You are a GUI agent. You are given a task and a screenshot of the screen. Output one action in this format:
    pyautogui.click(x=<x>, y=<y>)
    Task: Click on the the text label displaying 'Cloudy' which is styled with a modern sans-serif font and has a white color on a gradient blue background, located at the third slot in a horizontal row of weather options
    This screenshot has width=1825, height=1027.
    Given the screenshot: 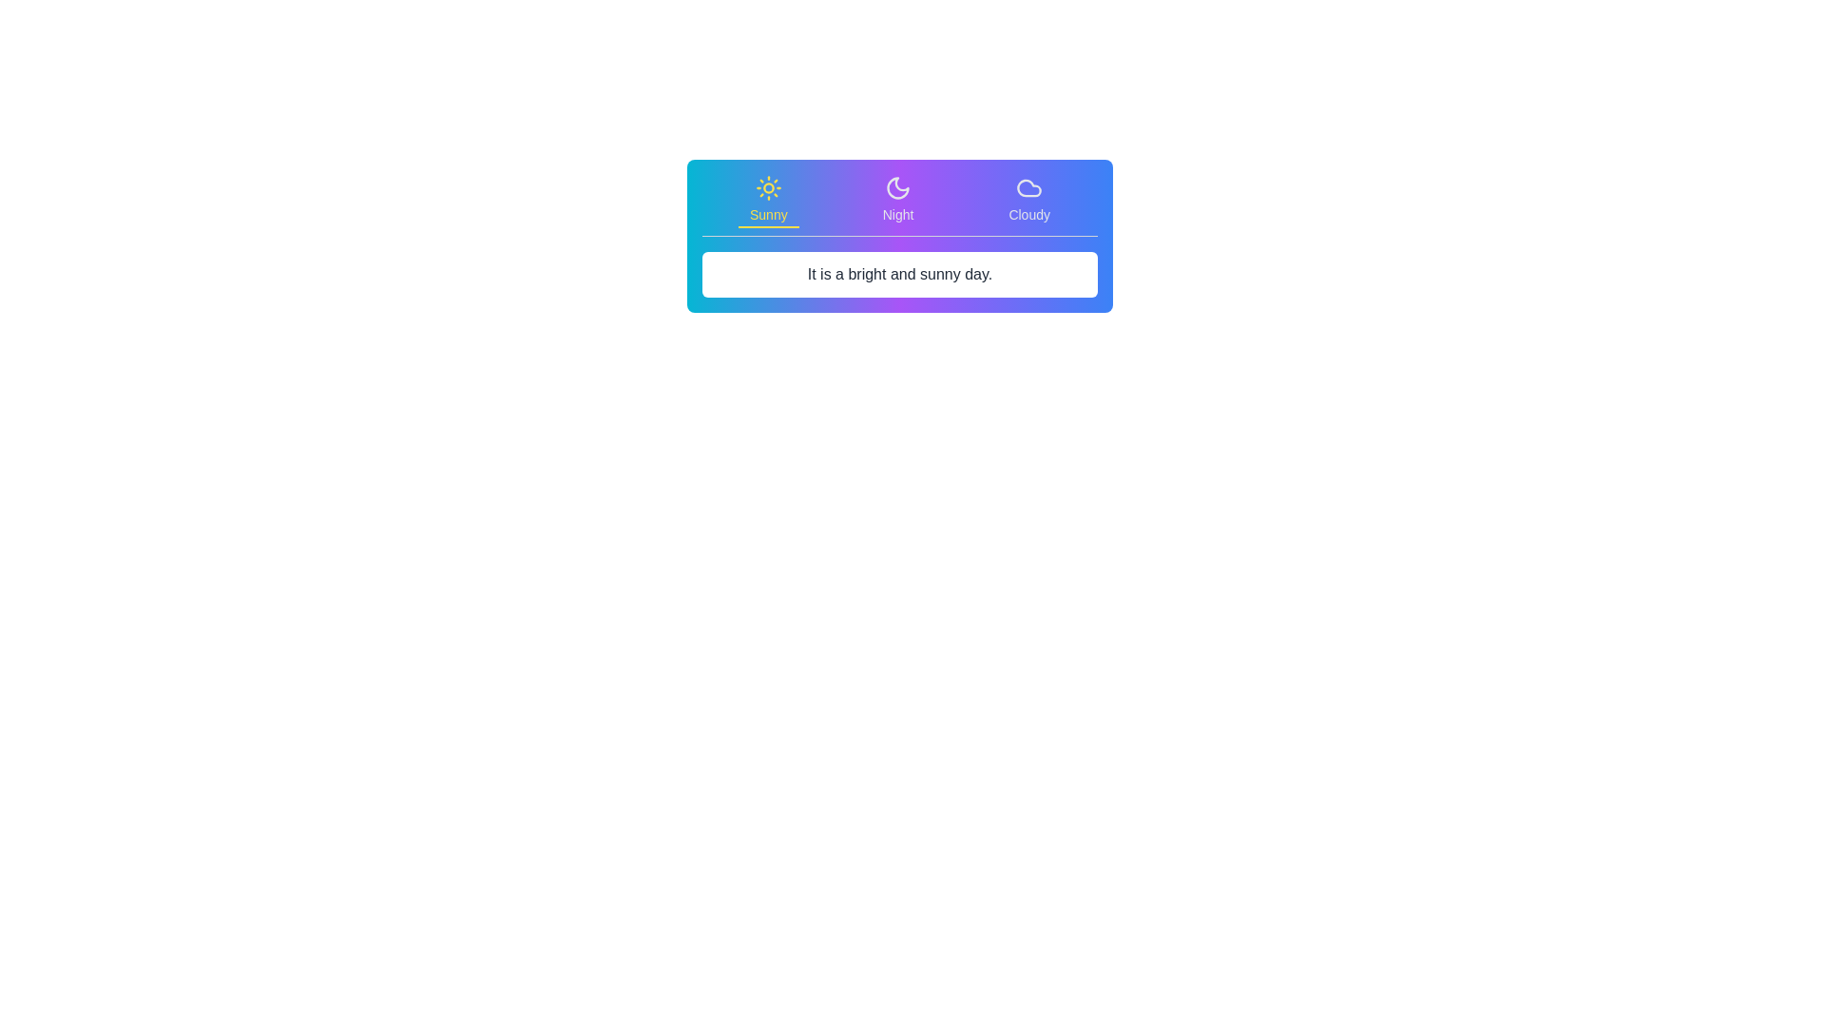 What is the action you would take?
    pyautogui.click(x=1028, y=214)
    